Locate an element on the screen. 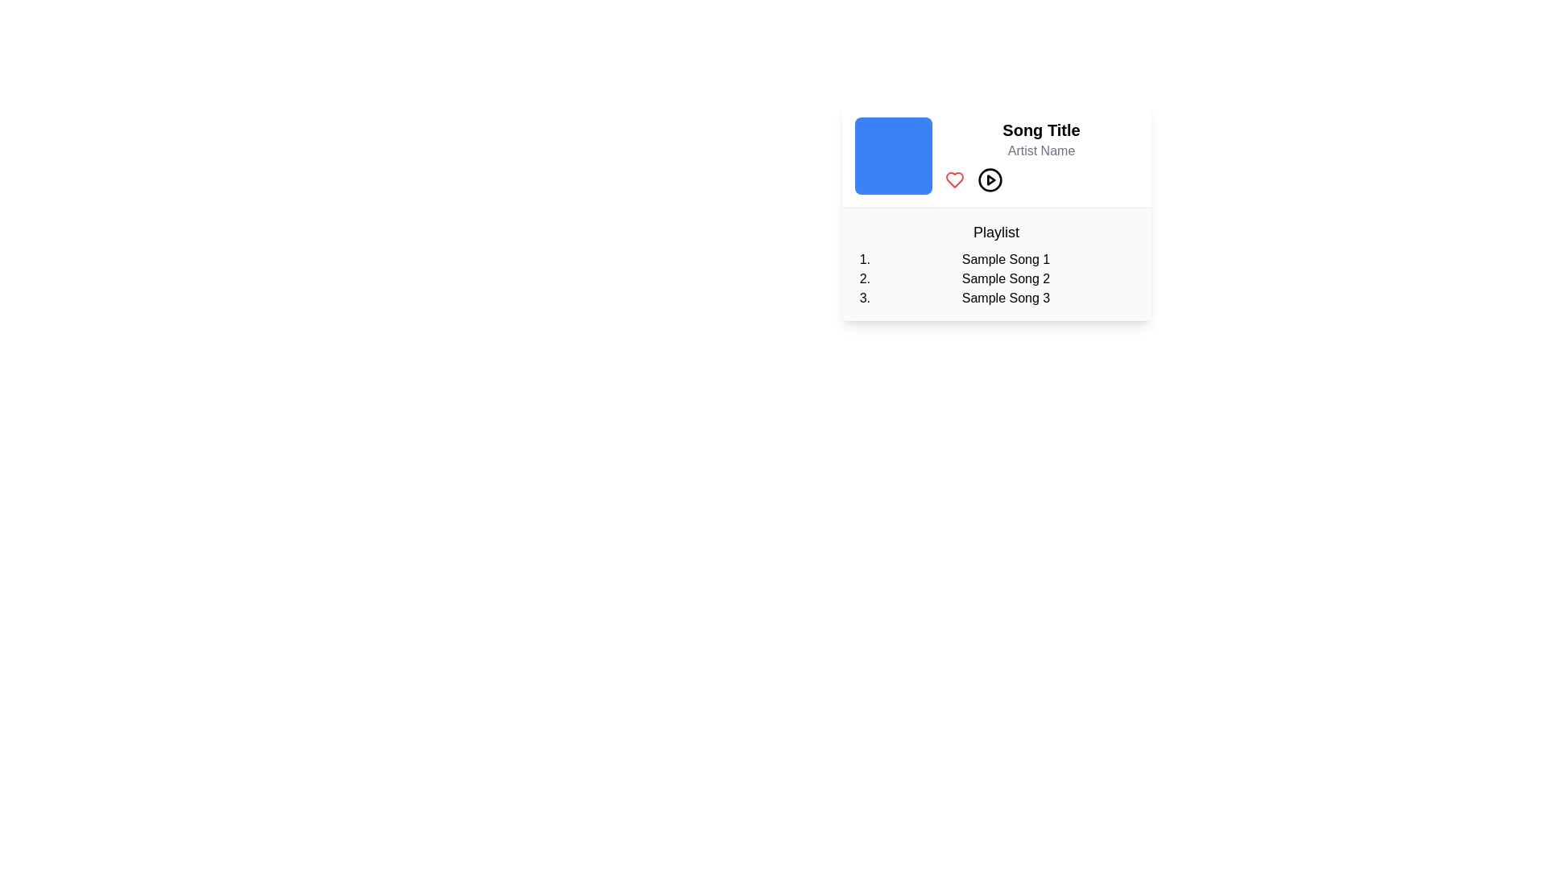 The height and width of the screenshot is (869, 1546). the circular play button with a triangular play icon, located in the row of interactive icons underneath the 'Song Title' and 'Artist Name', to play the related media is located at coordinates (989, 179).